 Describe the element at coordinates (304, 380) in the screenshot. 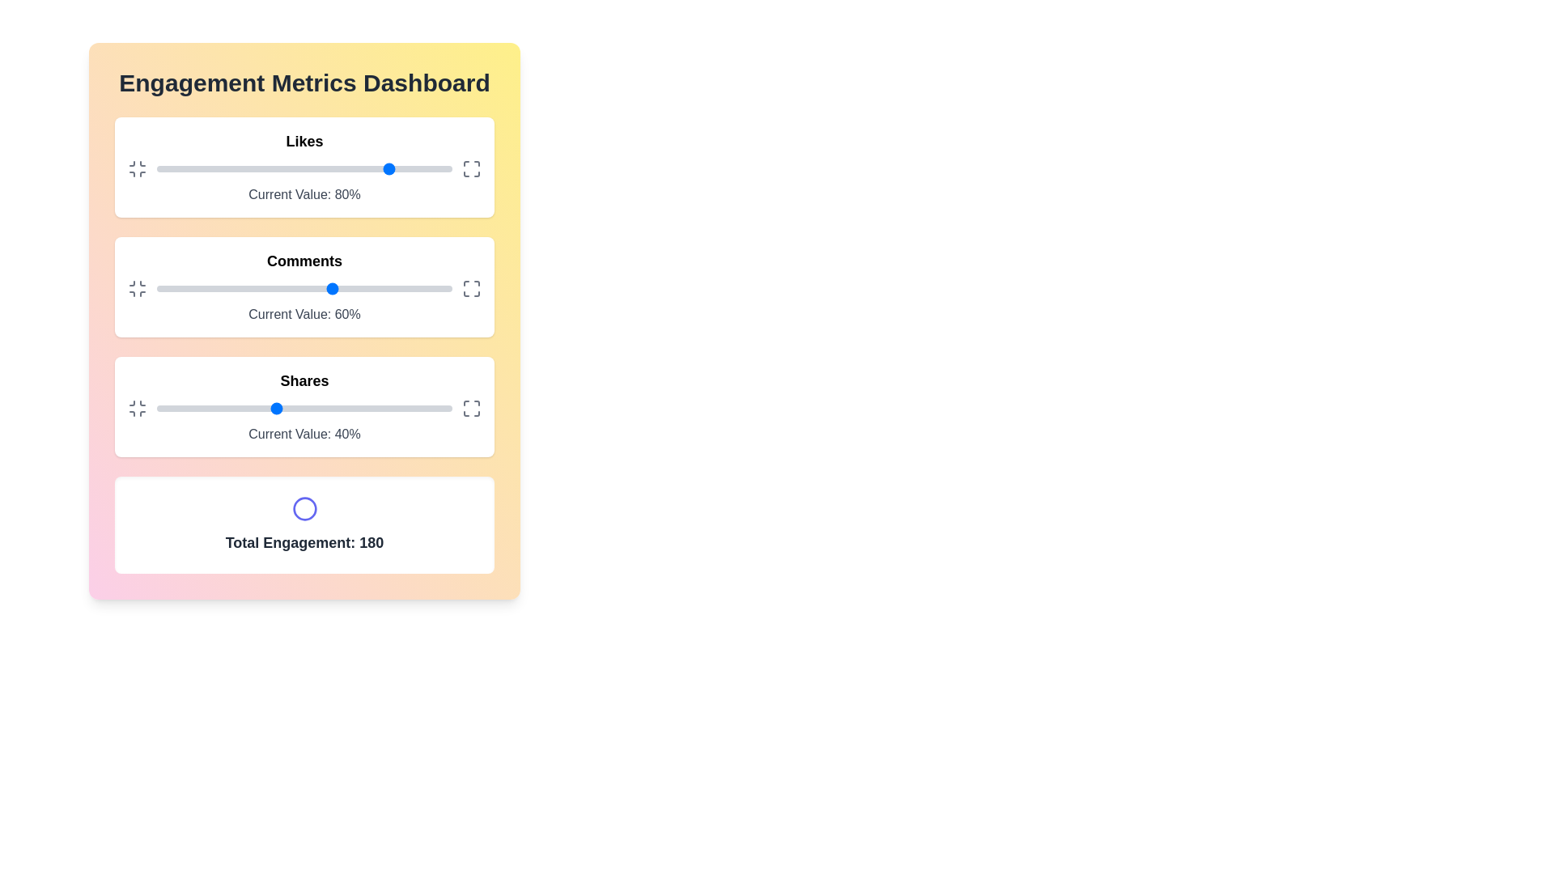

I see `the 'Shares' text label, which is bold, capitalized, and prominently displayed in the engagement metrics section` at that location.